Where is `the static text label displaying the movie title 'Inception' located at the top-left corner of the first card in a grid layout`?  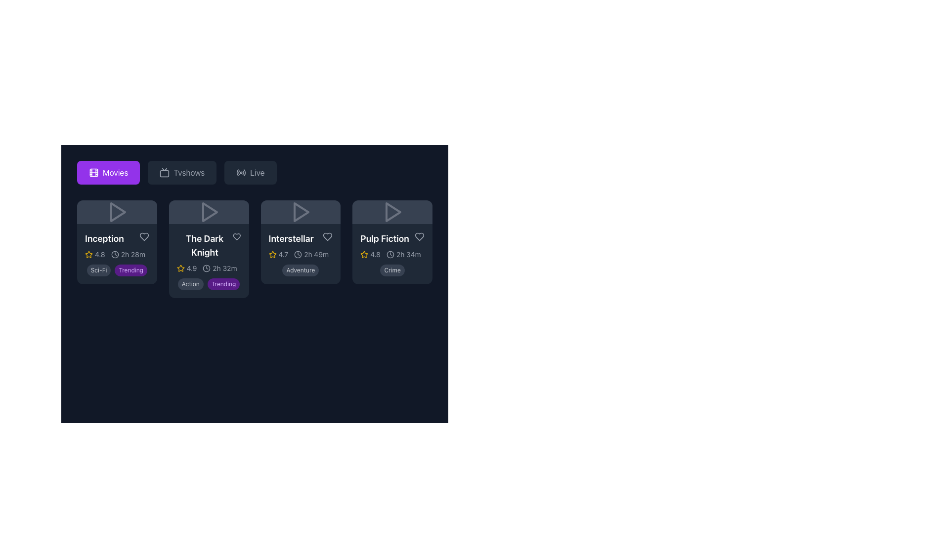 the static text label displaying the movie title 'Inception' located at the top-left corner of the first card in a grid layout is located at coordinates (104, 238).